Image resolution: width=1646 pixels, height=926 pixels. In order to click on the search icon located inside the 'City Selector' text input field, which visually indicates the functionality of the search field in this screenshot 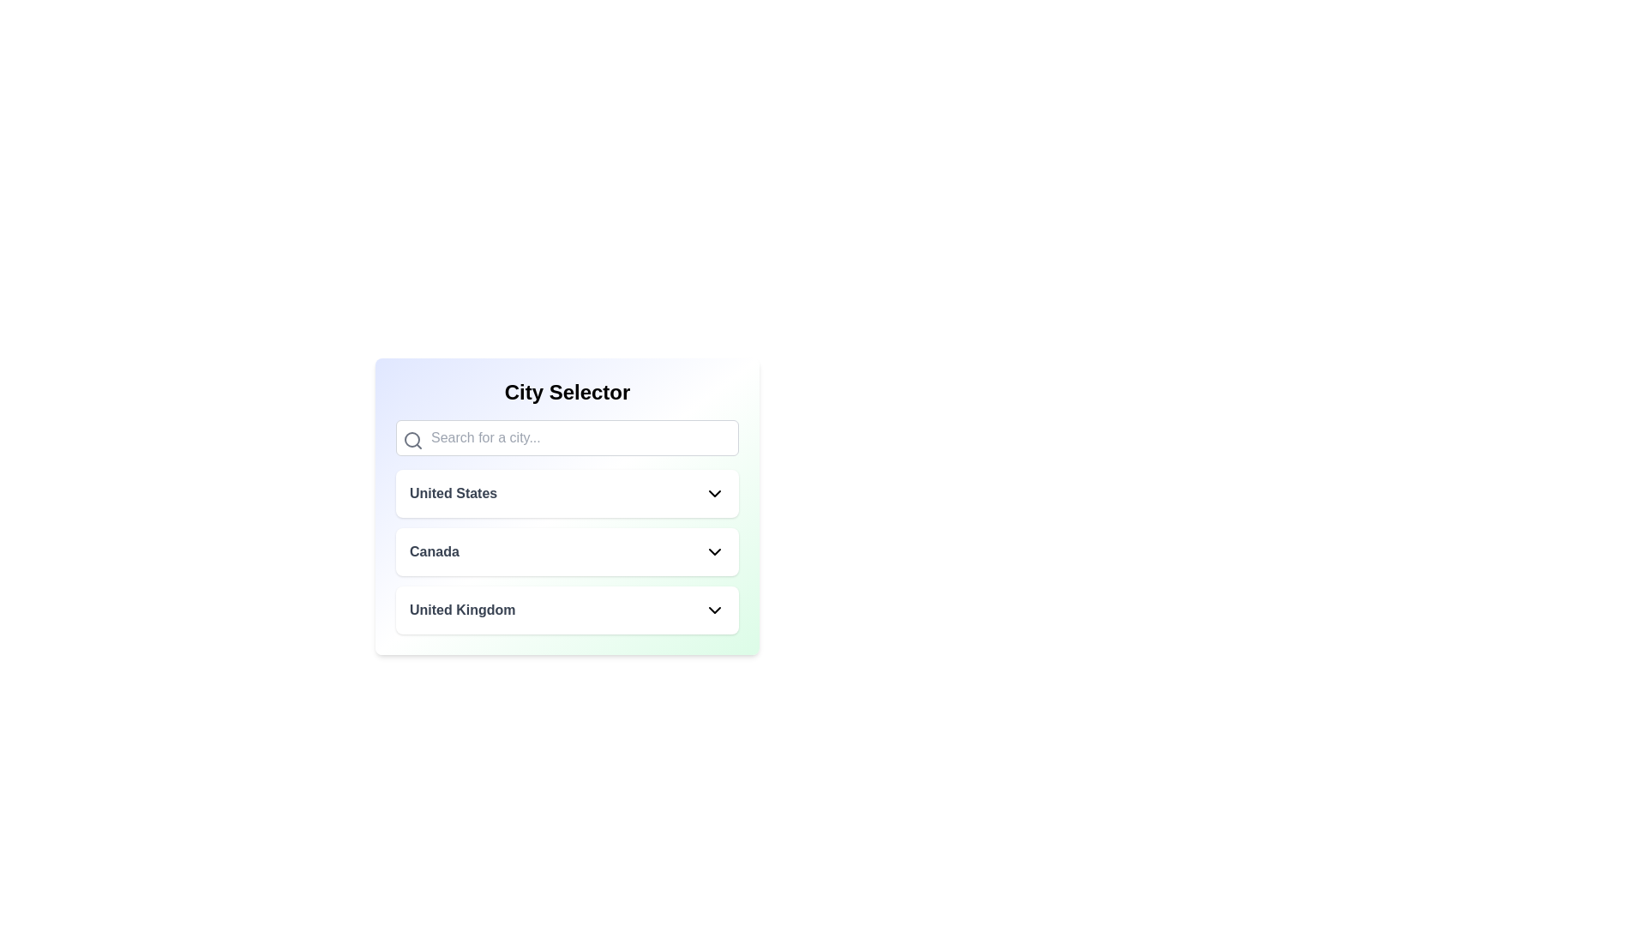, I will do `click(412, 439)`.